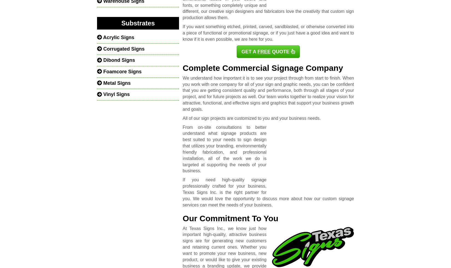 This screenshot has width=451, height=268. I want to click on 'Complete Commercial Signage Company', so click(263, 68).